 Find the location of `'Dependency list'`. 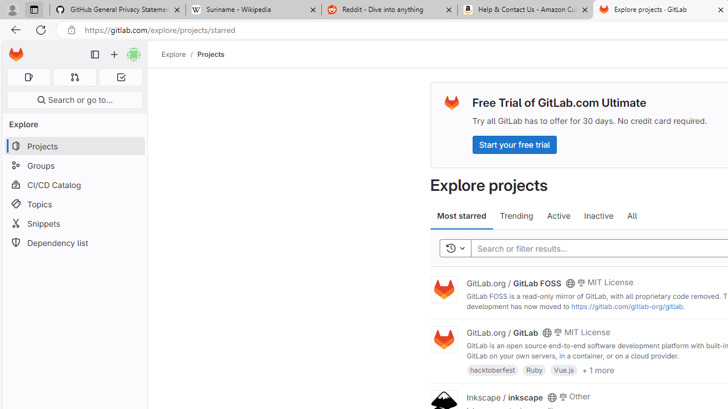

'Dependency list' is located at coordinates (74, 242).